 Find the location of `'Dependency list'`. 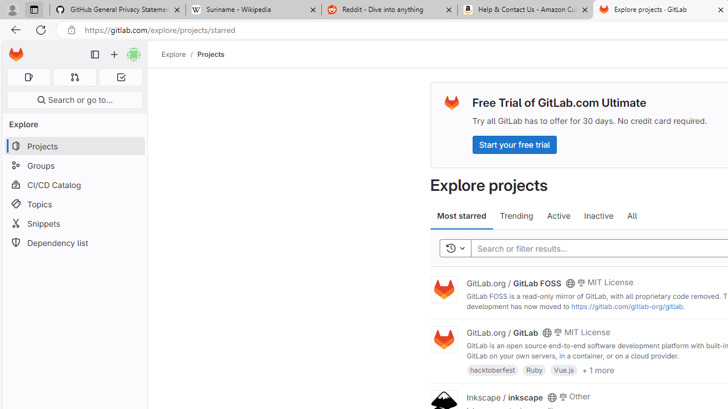

'Dependency list' is located at coordinates (74, 242).